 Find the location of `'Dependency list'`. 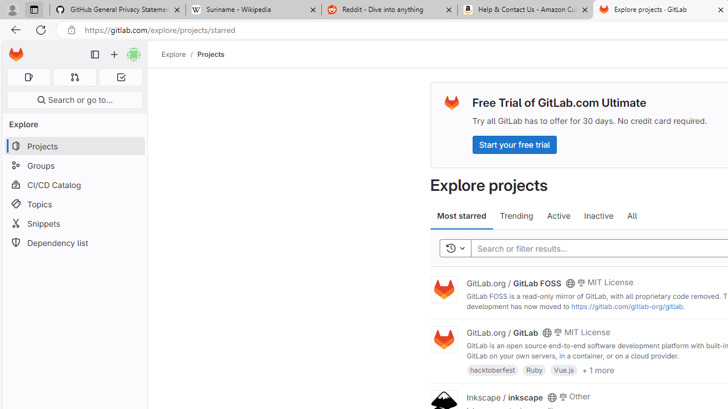

'Dependency list' is located at coordinates (74, 242).